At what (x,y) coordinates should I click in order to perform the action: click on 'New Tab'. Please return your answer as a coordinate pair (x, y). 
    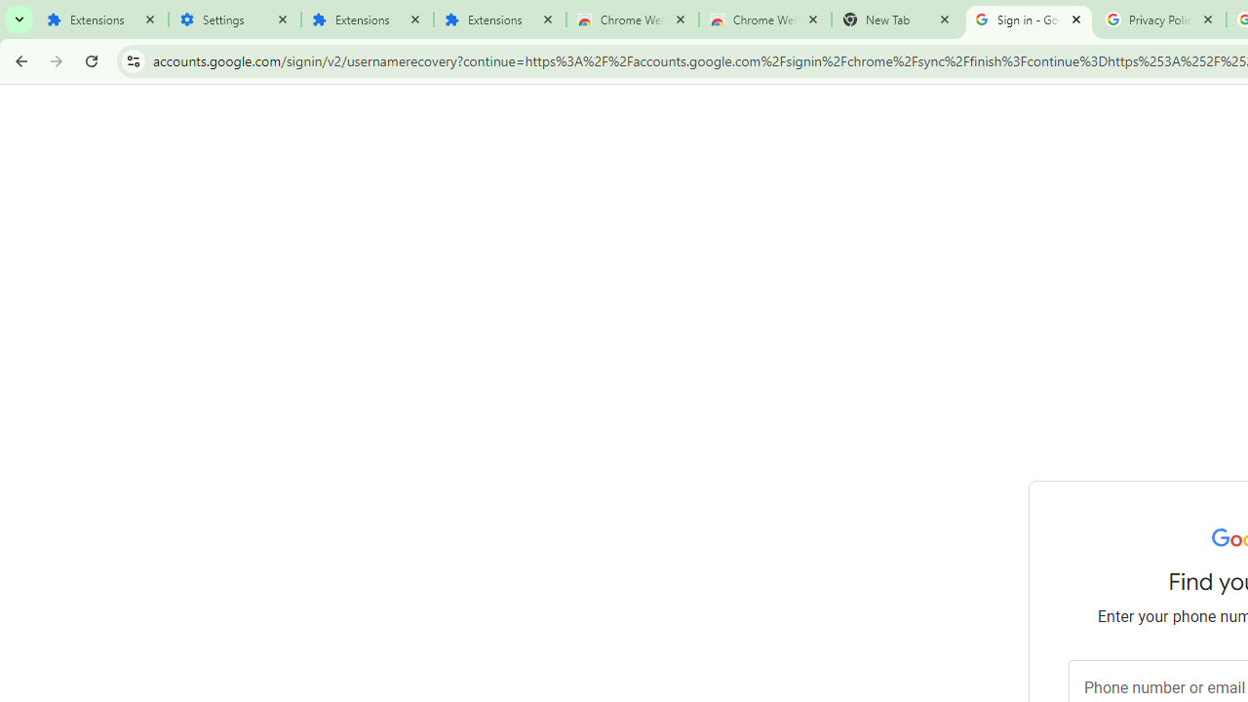
    Looking at the image, I should click on (896, 19).